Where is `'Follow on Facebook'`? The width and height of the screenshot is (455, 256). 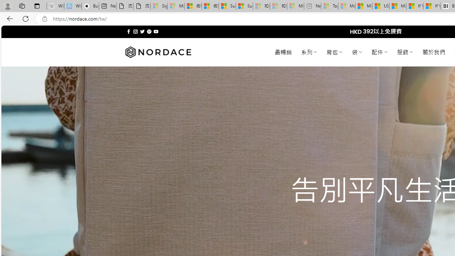 'Follow on Facebook' is located at coordinates (129, 31).